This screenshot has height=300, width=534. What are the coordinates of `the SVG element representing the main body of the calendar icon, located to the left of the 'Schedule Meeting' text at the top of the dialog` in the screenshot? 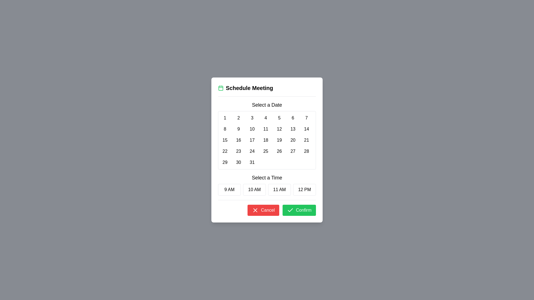 It's located at (220, 87).